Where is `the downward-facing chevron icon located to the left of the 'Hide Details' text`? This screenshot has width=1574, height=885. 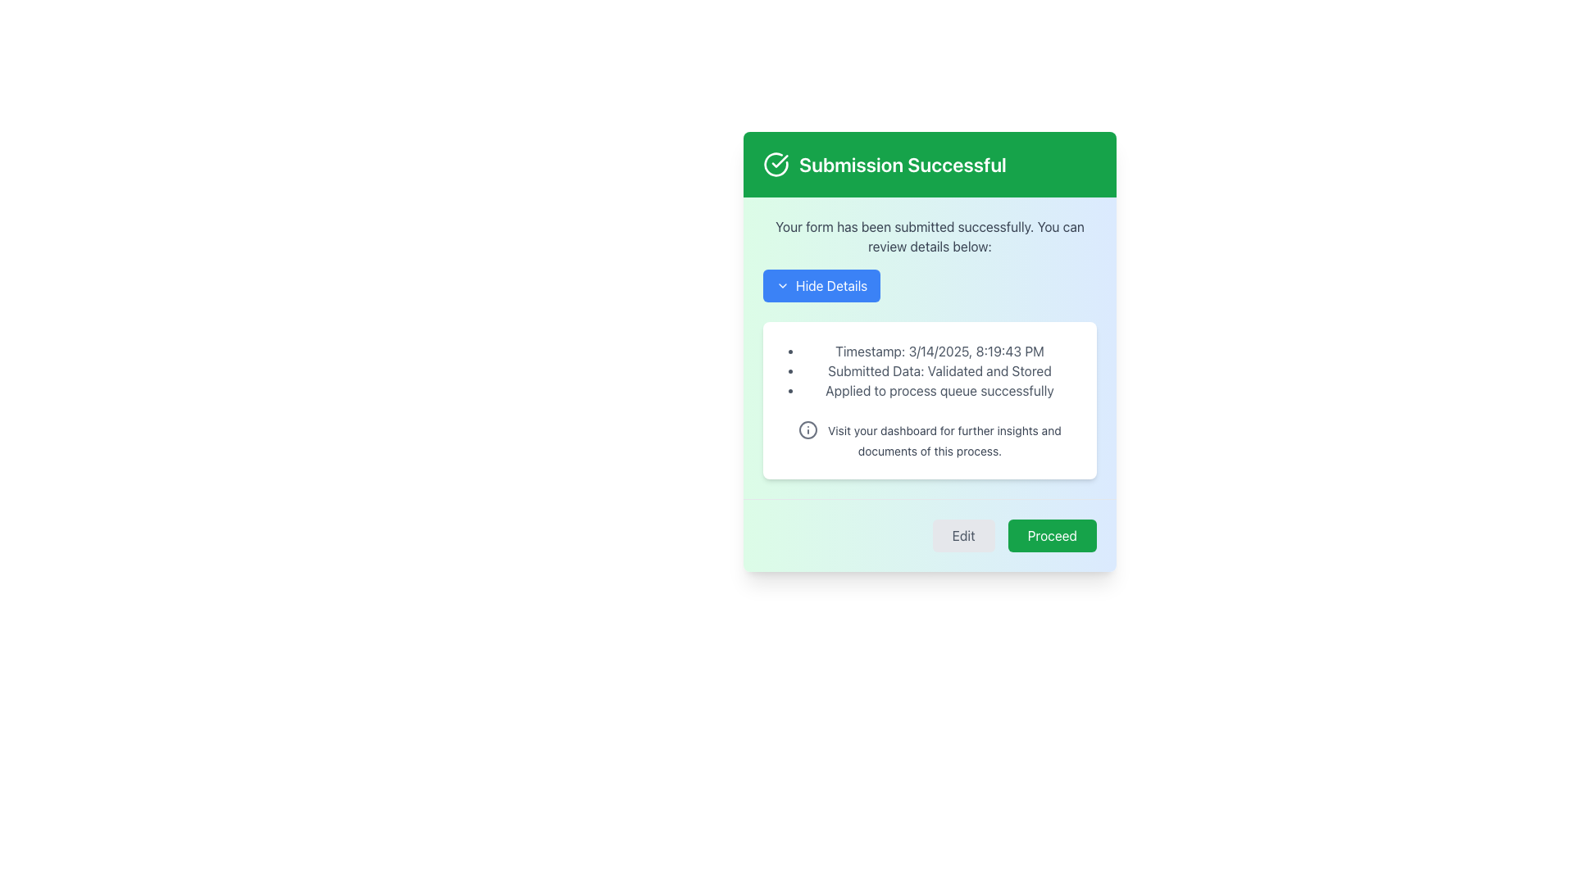 the downward-facing chevron icon located to the left of the 'Hide Details' text is located at coordinates (782, 284).